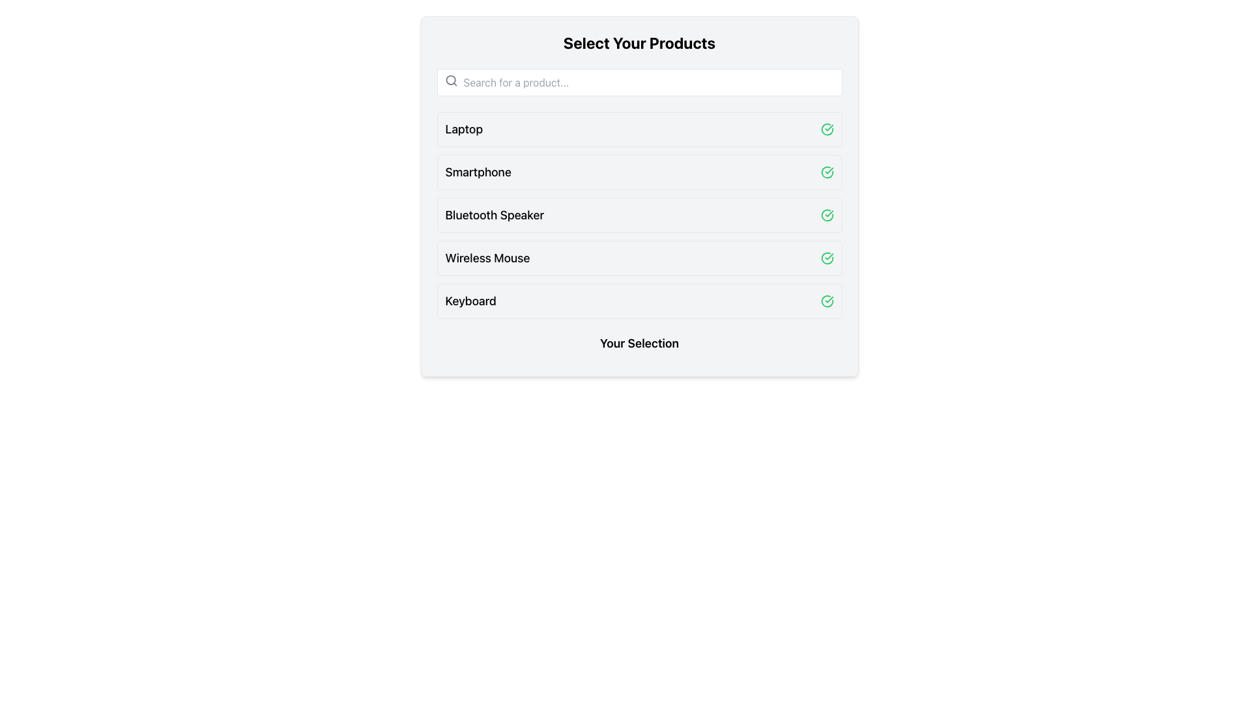 The height and width of the screenshot is (703, 1251). Describe the element at coordinates (826, 172) in the screenshot. I see `the selection indicator icon located at the far right of the 'Smartphone' row` at that location.